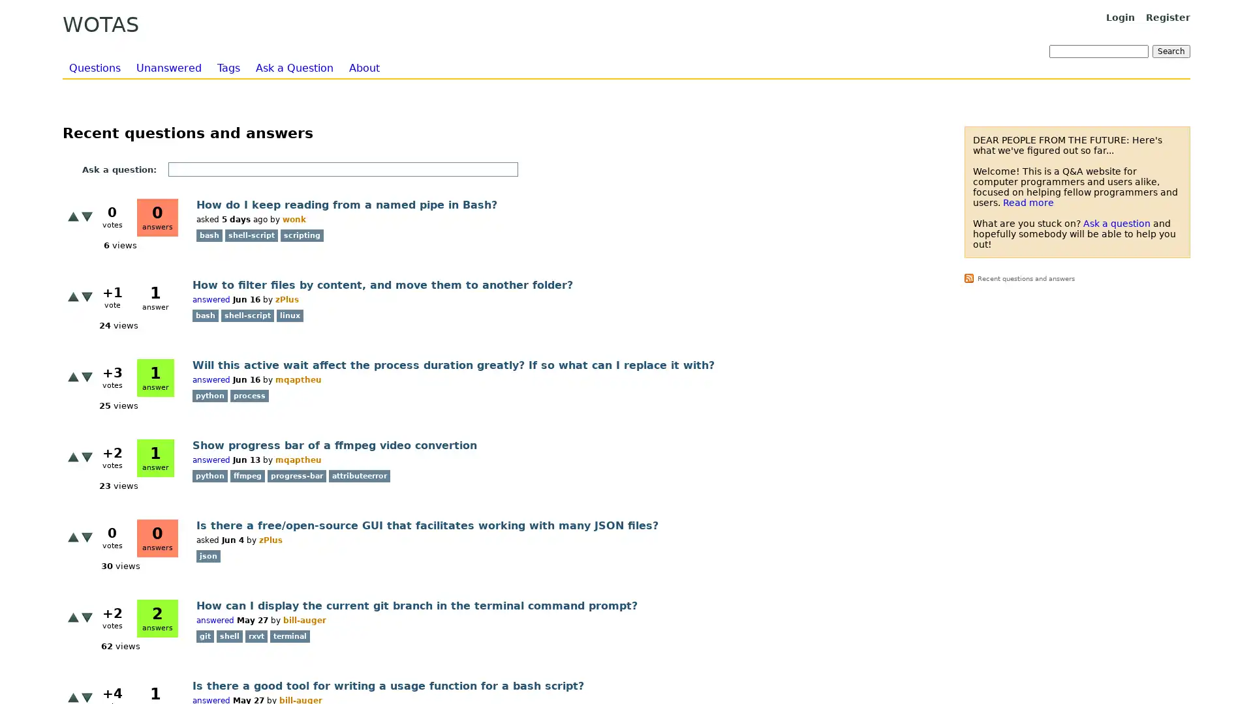 This screenshot has width=1253, height=704. I want to click on +, so click(72, 537).